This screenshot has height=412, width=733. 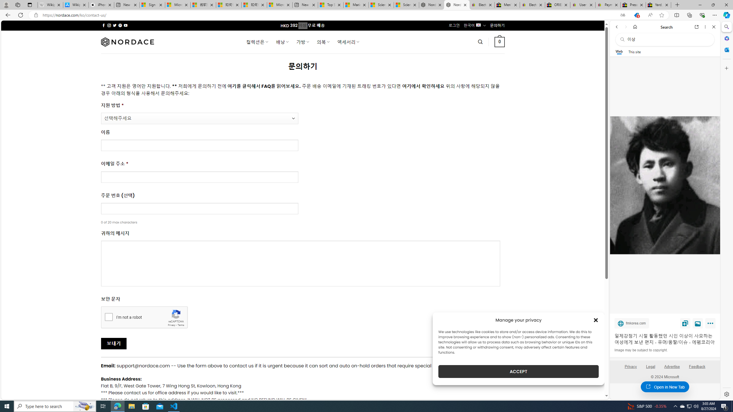 What do you see at coordinates (152, 5) in the screenshot?
I see `'Sign in to your Microsoft account'` at bounding box center [152, 5].